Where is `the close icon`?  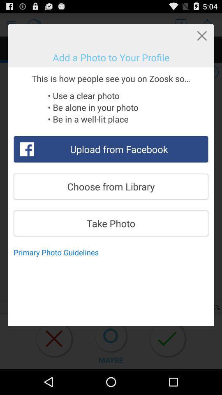 the close icon is located at coordinates (201, 38).